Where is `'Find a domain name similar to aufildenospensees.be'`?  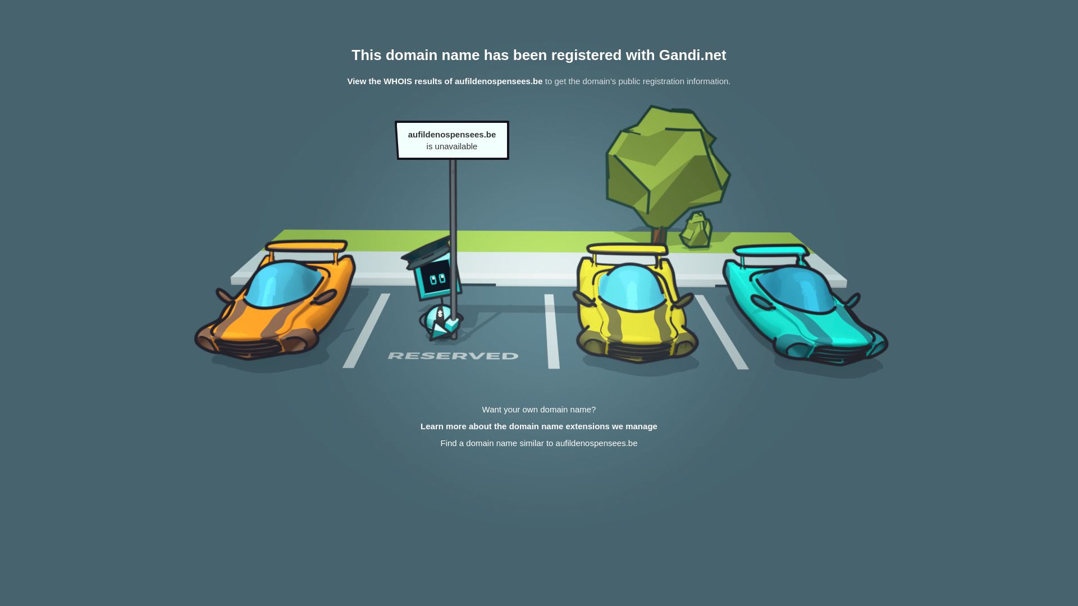 'Find a domain name similar to aufildenospensees.be' is located at coordinates (538, 442).